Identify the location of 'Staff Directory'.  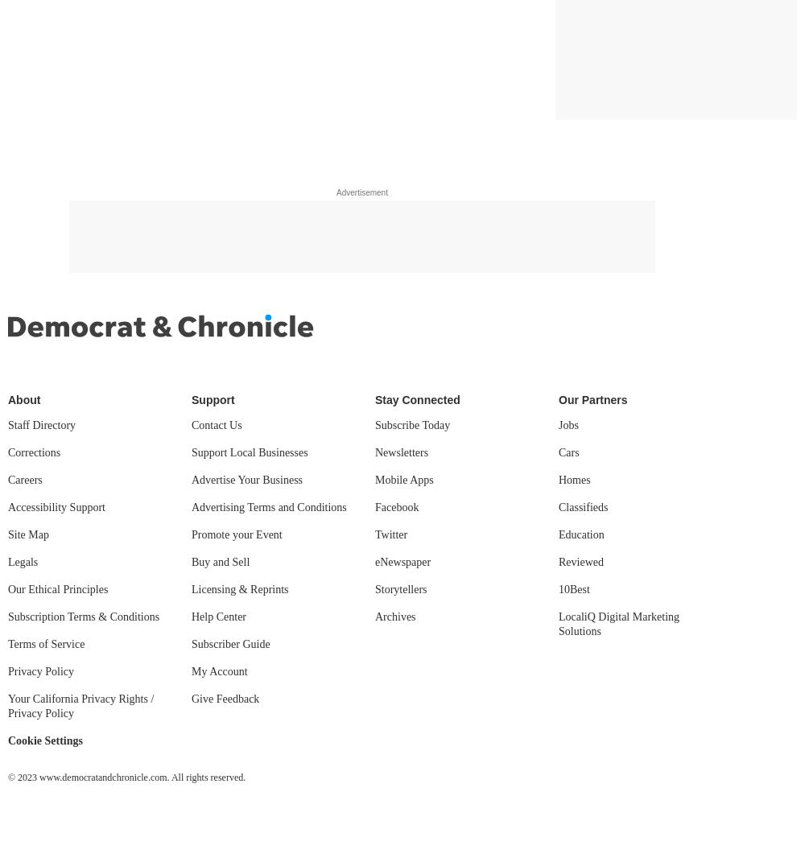
(42, 425).